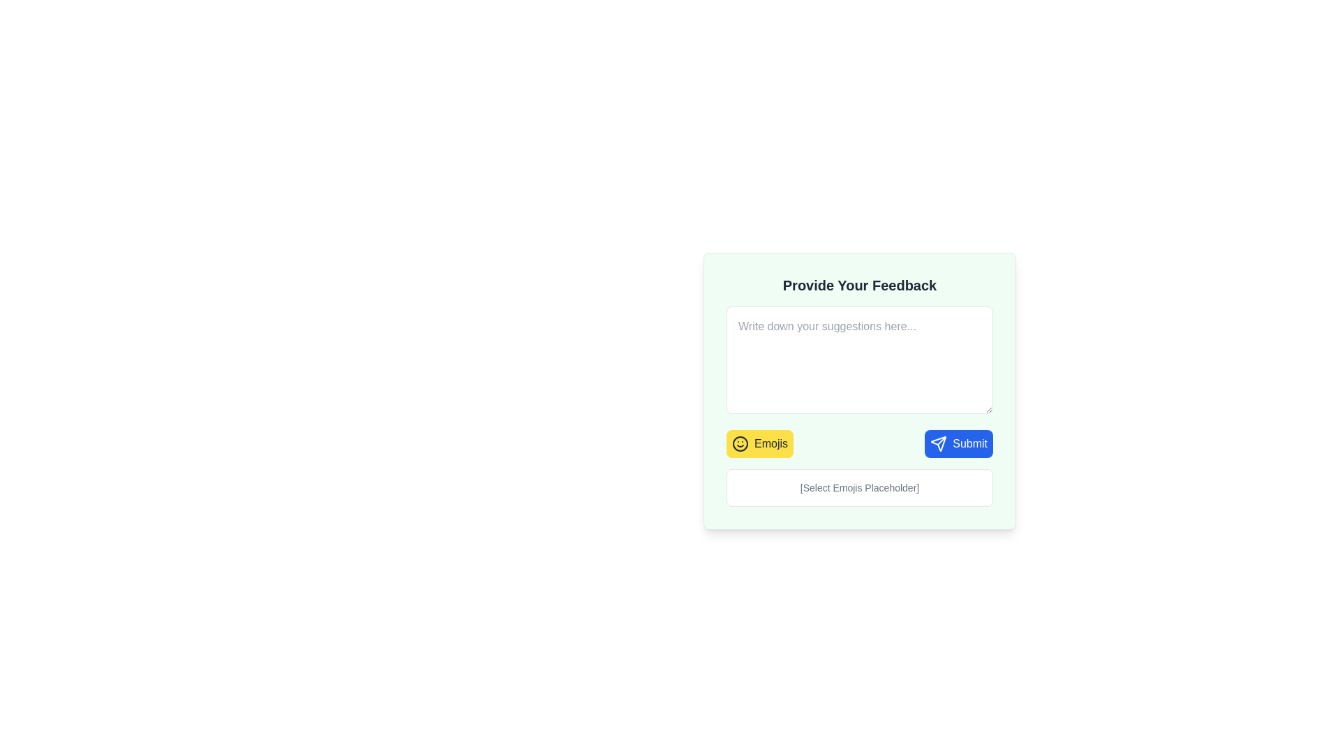  What do you see at coordinates (859, 487) in the screenshot?
I see `the text element displaying the placeholder '[Select Emojis Placeholder]' which is styled with a gray font inside a white rounded rectangular box` at bounding box center [859, 487].